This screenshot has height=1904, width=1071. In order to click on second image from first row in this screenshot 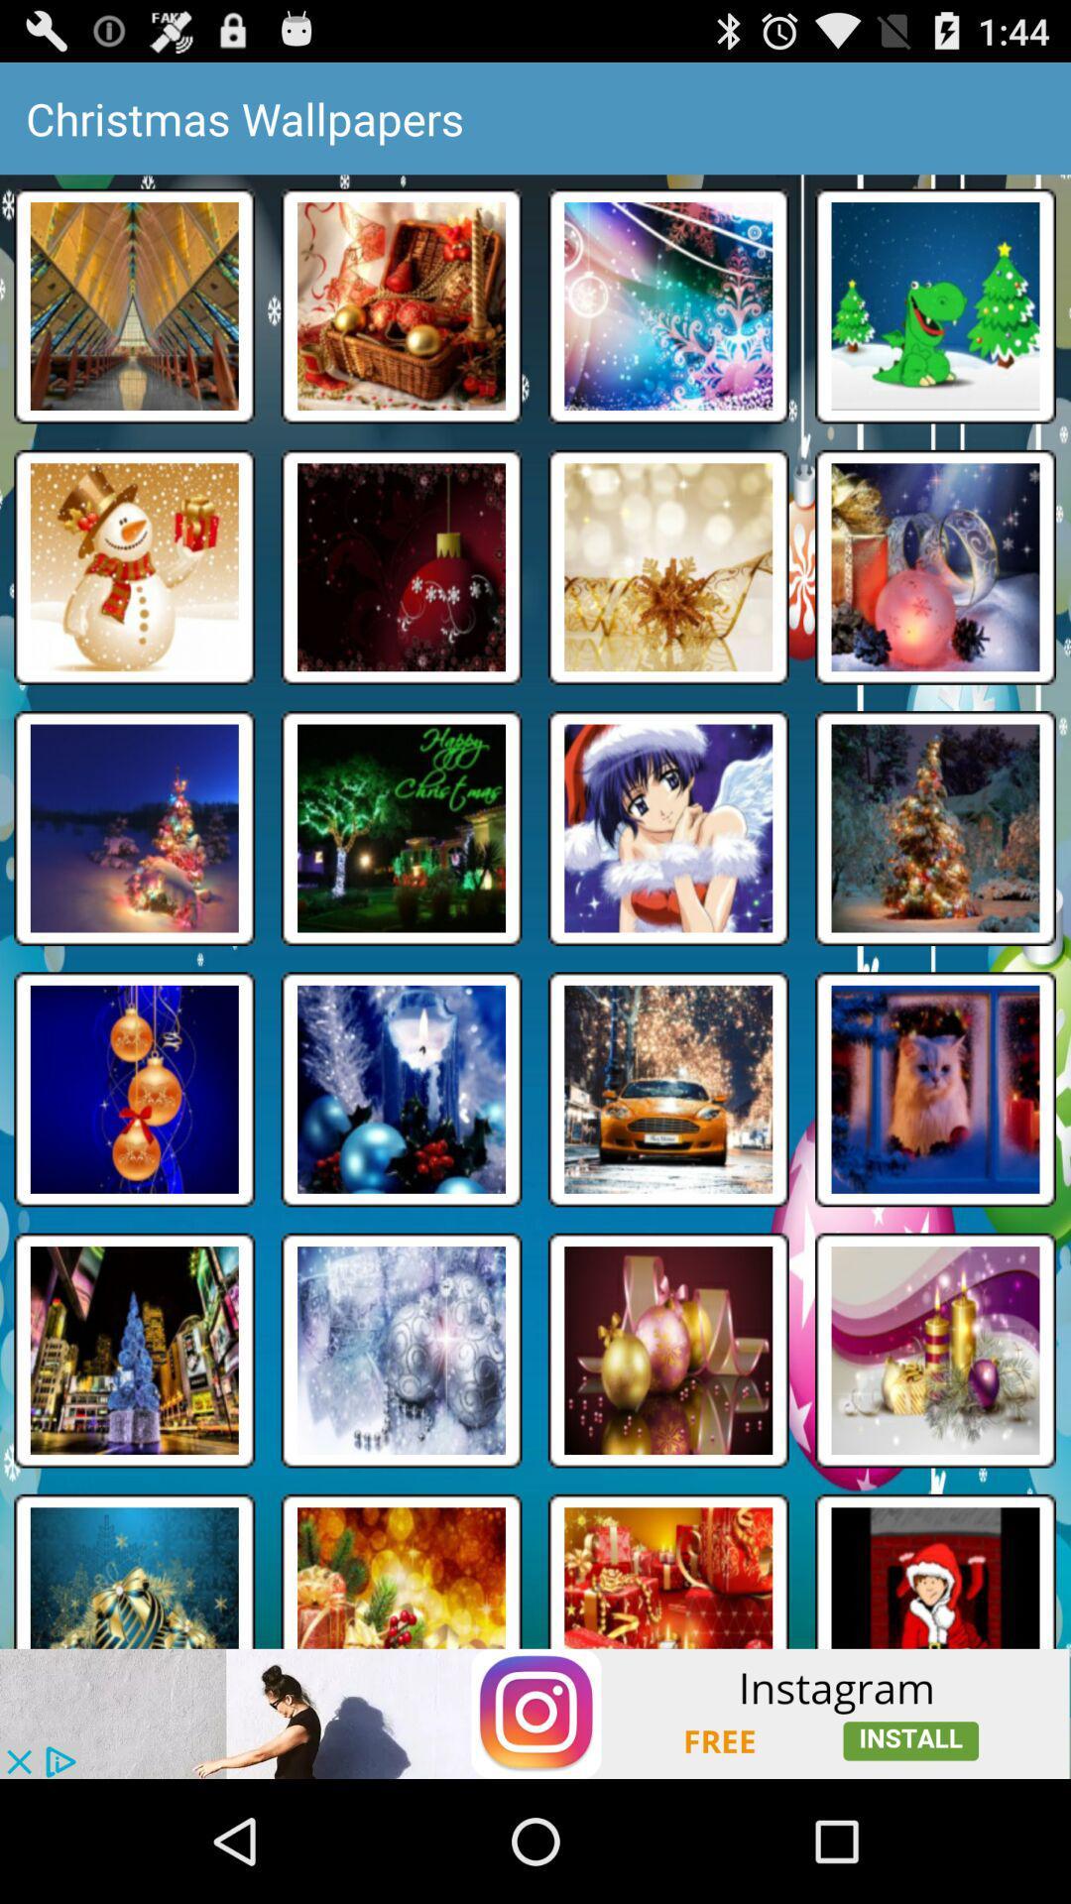, I will do `click(402, 304)`.